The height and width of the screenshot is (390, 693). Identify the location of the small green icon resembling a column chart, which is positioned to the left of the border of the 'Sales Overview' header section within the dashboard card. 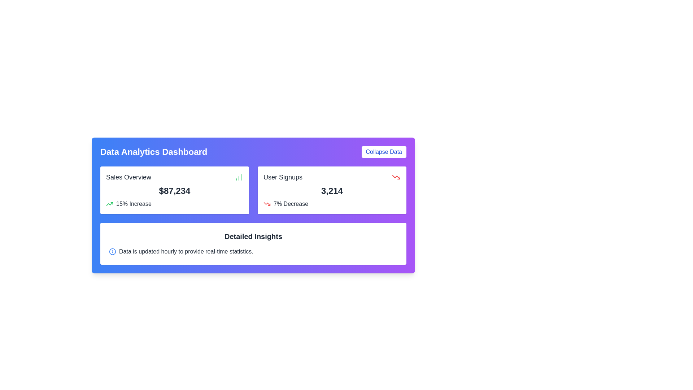
(239, 177).